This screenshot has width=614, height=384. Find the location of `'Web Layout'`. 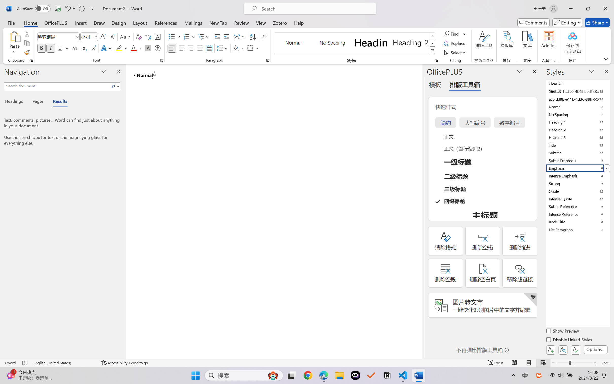

'Web Layout' is located at coordinates (543, 363).